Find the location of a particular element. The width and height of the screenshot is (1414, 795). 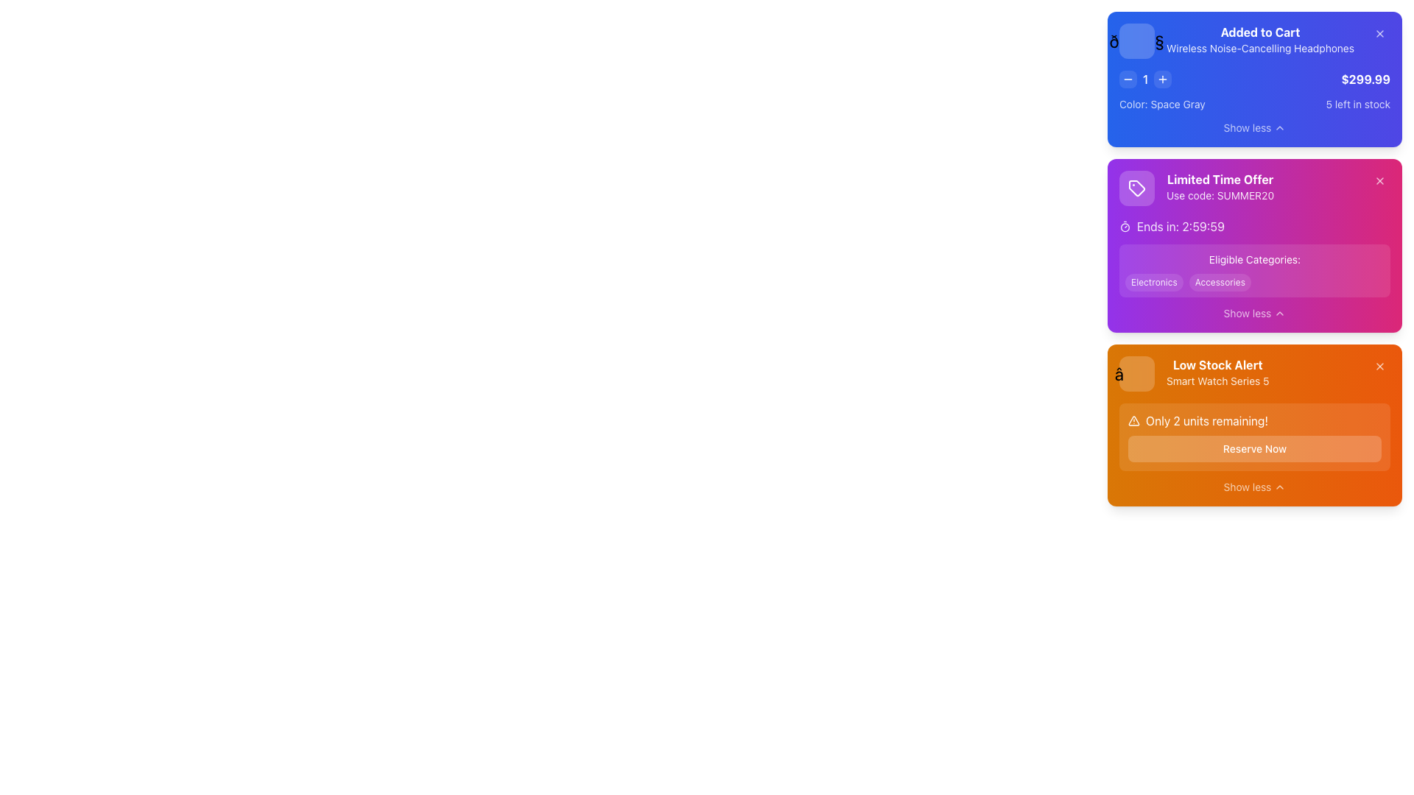

the 'Limited Time Offer' icon located inside the purple widget at the top-left corner adjacent to the title text is located at coordinates (1136, 187).